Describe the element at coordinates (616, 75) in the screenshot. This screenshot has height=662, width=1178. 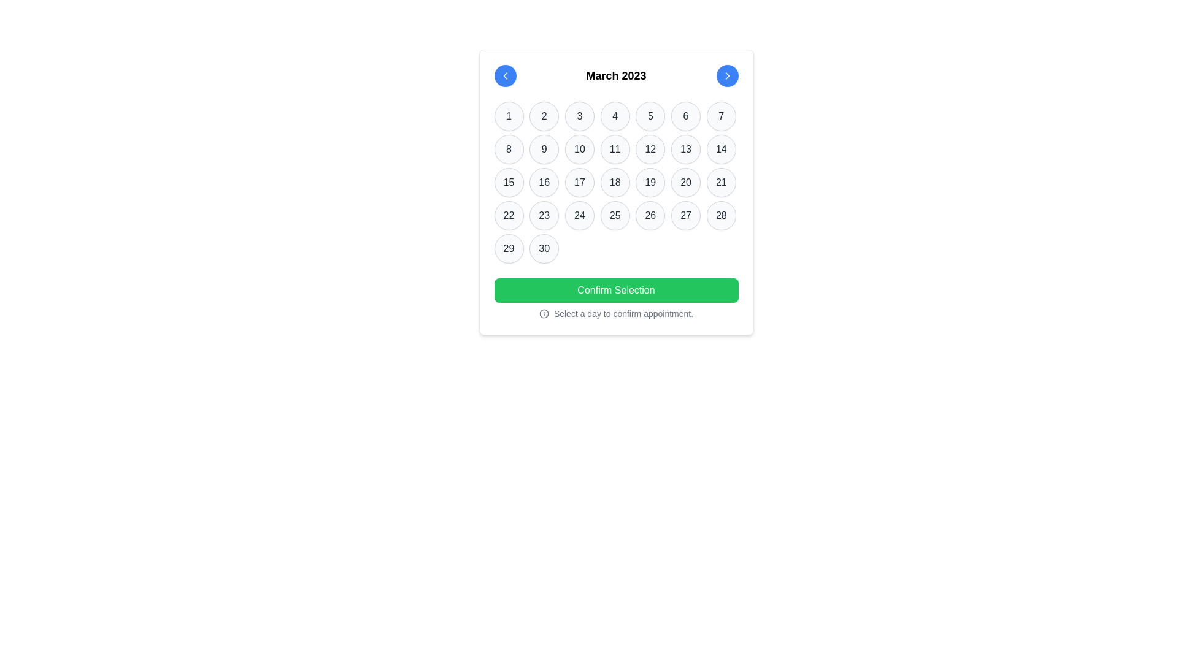
I see `the text label displaying 'March 2023' which is centrally aligned at the top of the calendar interface` at that location.